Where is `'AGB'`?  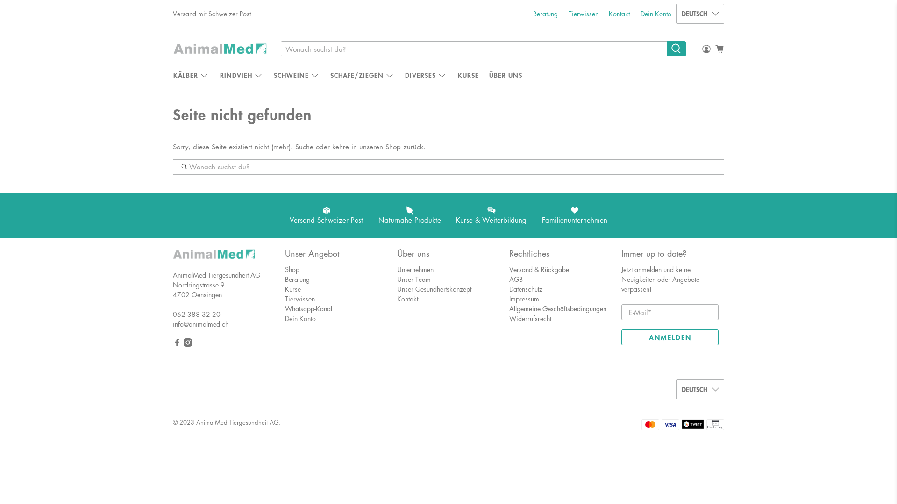 'AGB' is located at coordinates (515, 278).